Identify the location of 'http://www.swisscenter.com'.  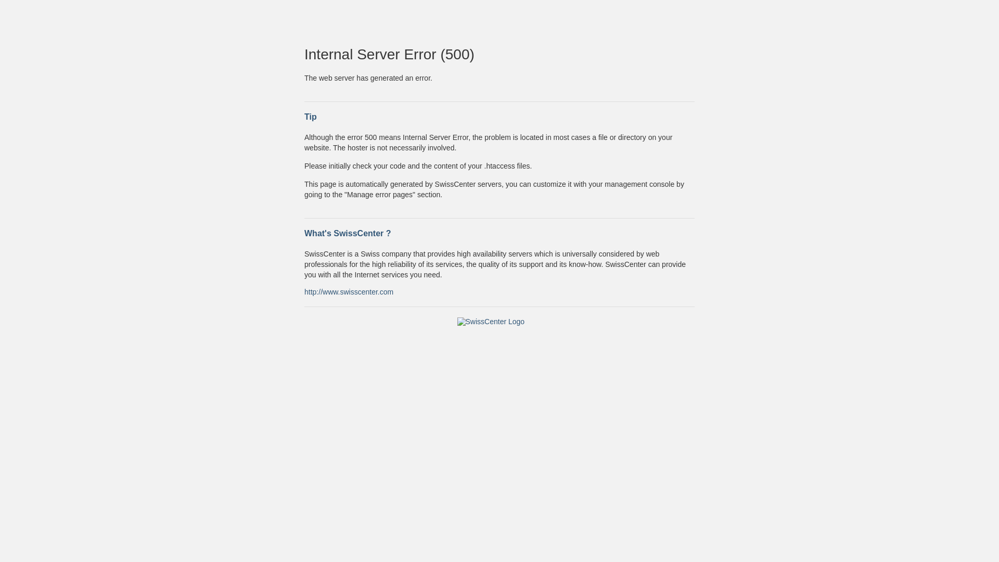
(304, 291).